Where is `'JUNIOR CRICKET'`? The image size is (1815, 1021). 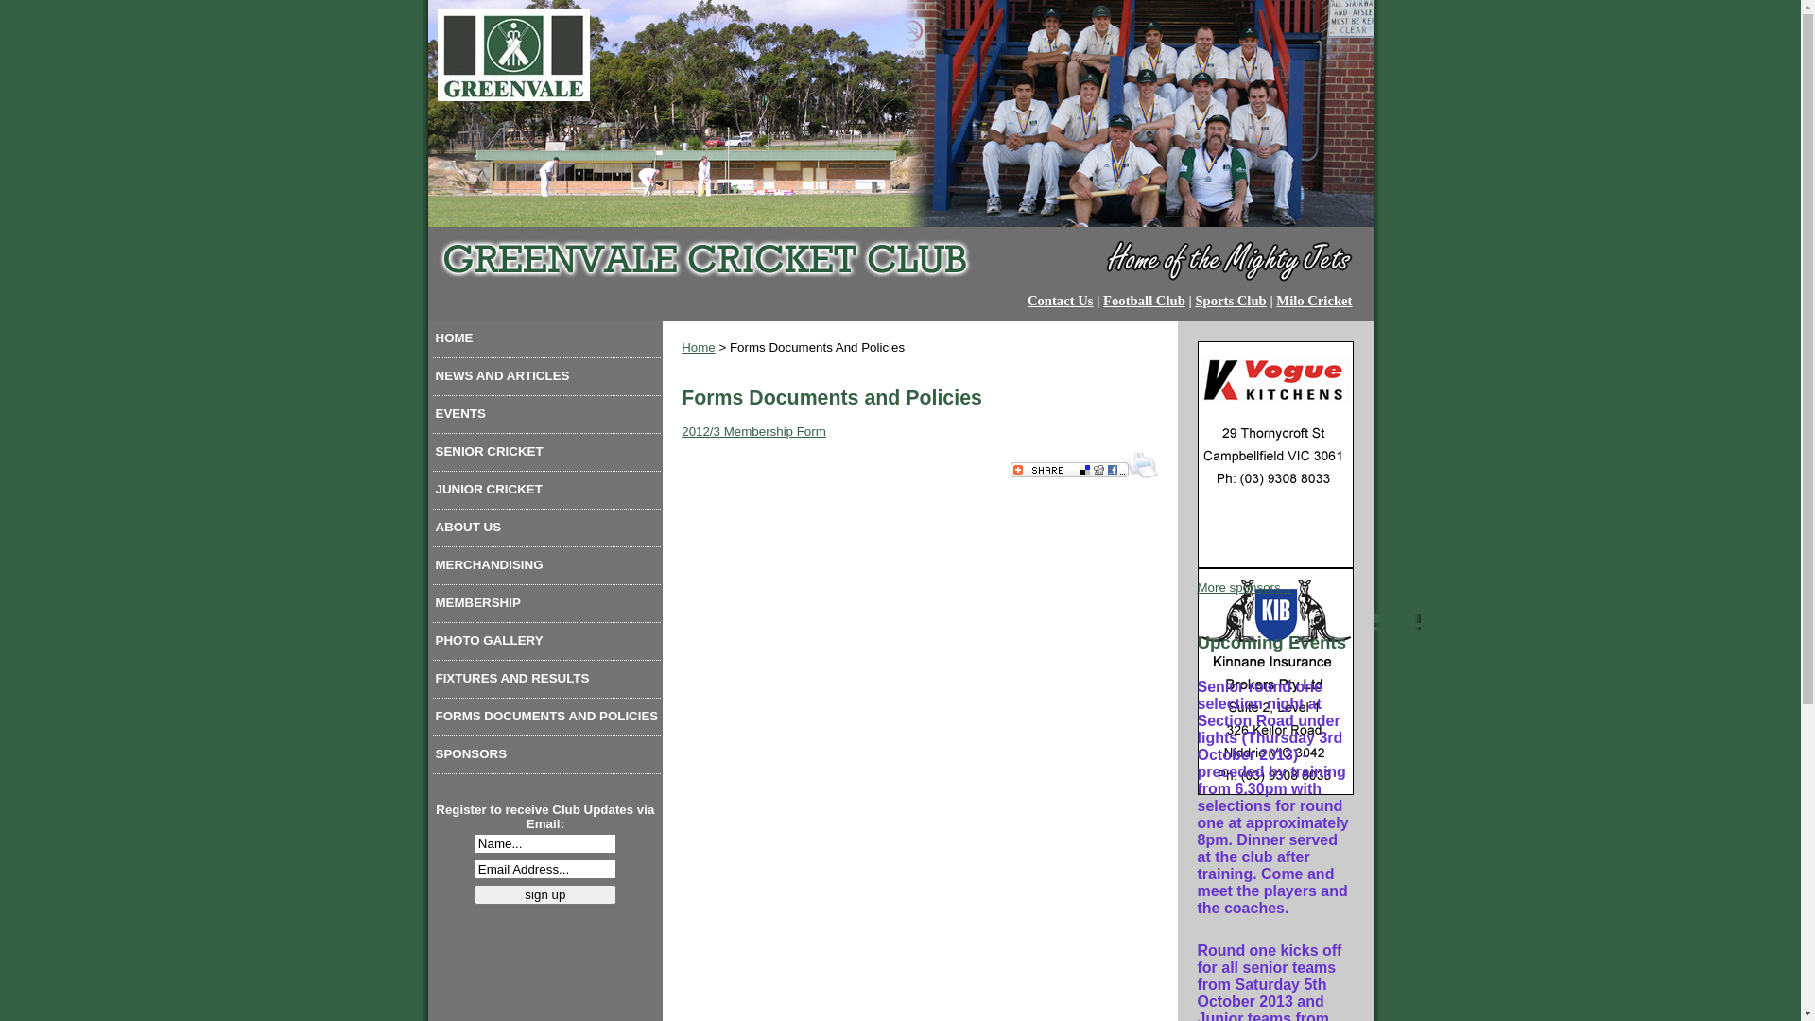 'JUNIOR CRICKET' is located at coordinates (546, 492).